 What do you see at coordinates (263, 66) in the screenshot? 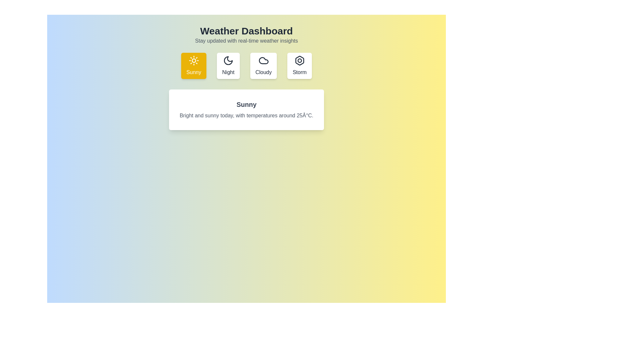
I see `the Cloudy weather condition tab` at bounding box center [263, 66].